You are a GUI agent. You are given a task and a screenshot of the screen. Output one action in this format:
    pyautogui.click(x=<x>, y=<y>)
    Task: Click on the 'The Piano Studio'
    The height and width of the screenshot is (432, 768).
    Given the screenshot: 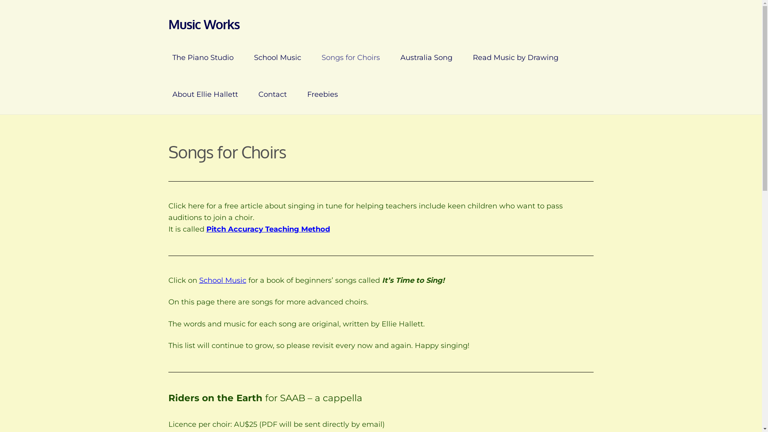 What is the action you would take?
    pyautogui.click(x=203, y=57)
    